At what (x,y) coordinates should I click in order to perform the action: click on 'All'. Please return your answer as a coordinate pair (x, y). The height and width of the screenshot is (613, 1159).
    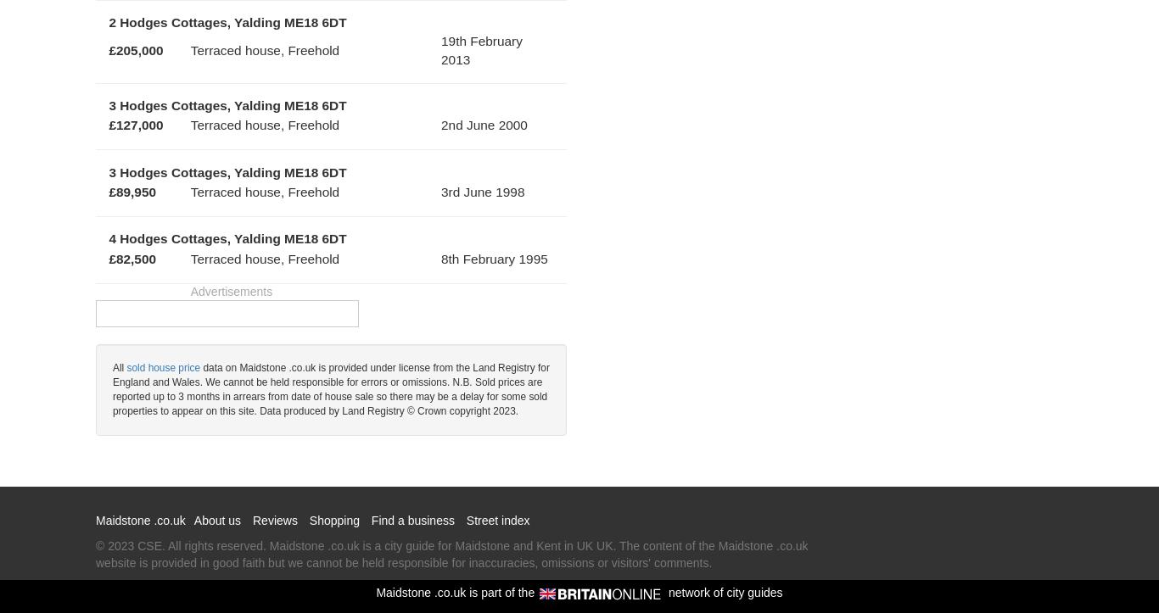
    Looking at the image, I should click on (118, 368).